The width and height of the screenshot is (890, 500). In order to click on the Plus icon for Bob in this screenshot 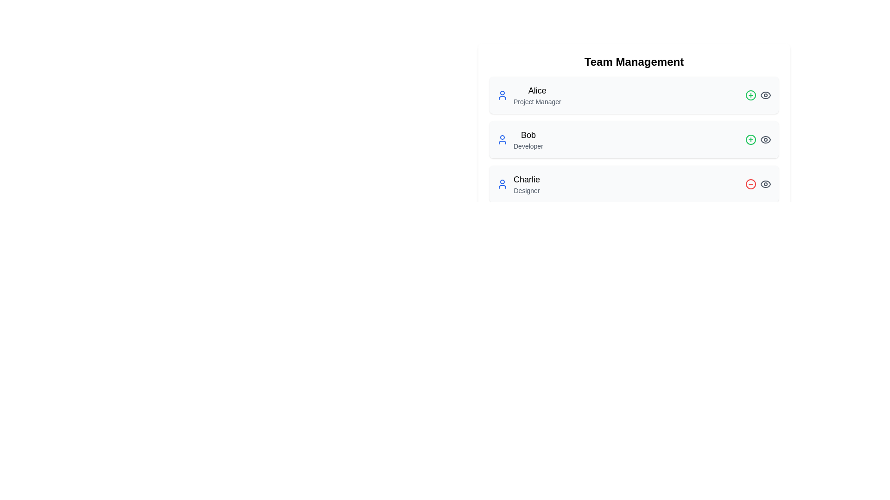, I will do `click(751, 139)`.